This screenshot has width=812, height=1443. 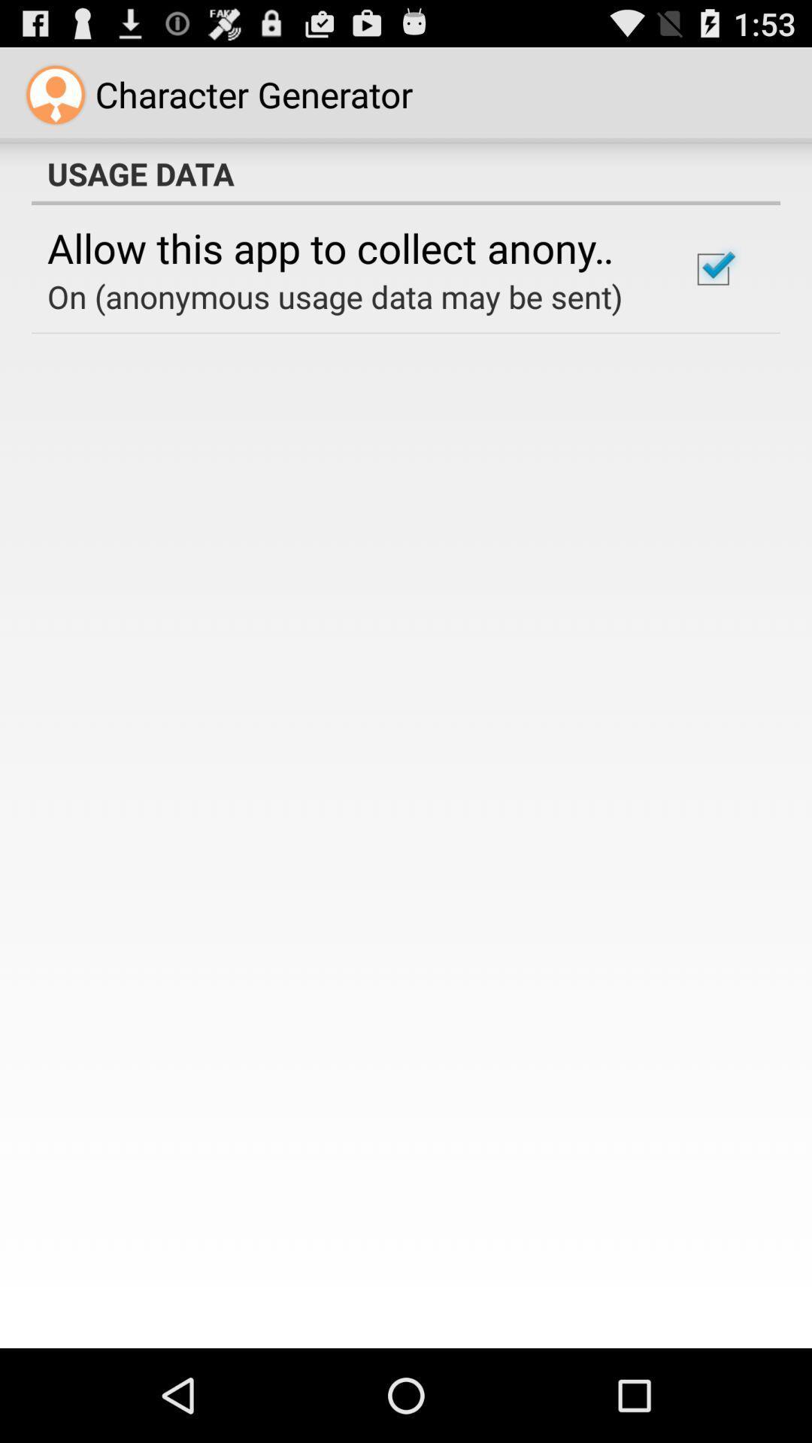 What do you see at coordinates (712, 269) in the screenshot?
I see `icon below usage data item` at bounding box center [712, 269].